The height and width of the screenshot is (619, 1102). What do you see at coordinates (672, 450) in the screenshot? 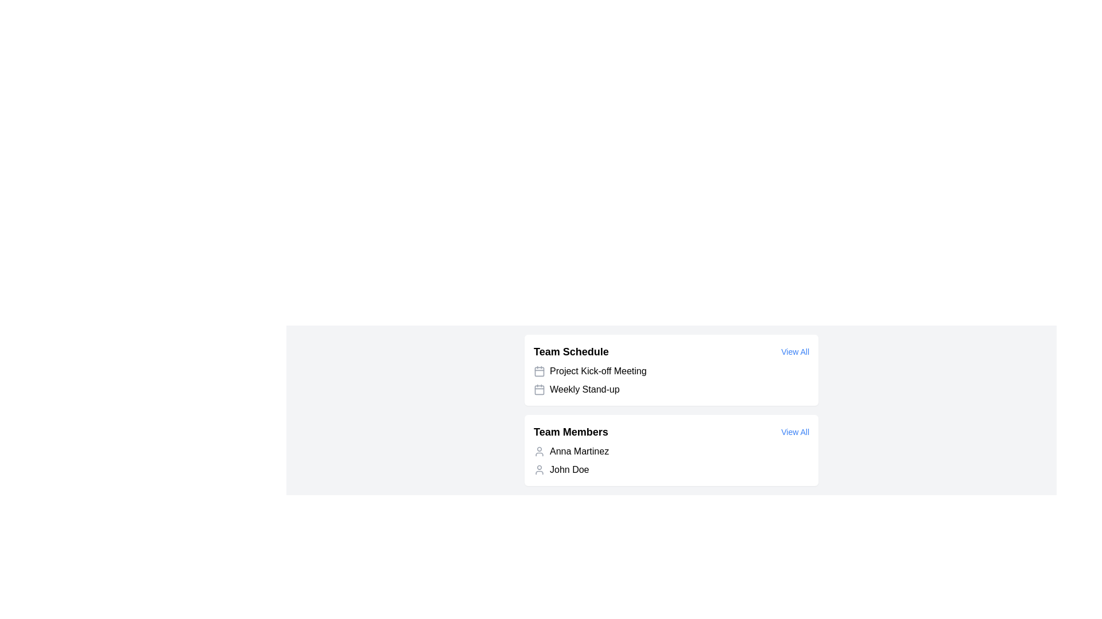
I see `the 'View All' link in the team members' display section` at bounding box center [672, 450].